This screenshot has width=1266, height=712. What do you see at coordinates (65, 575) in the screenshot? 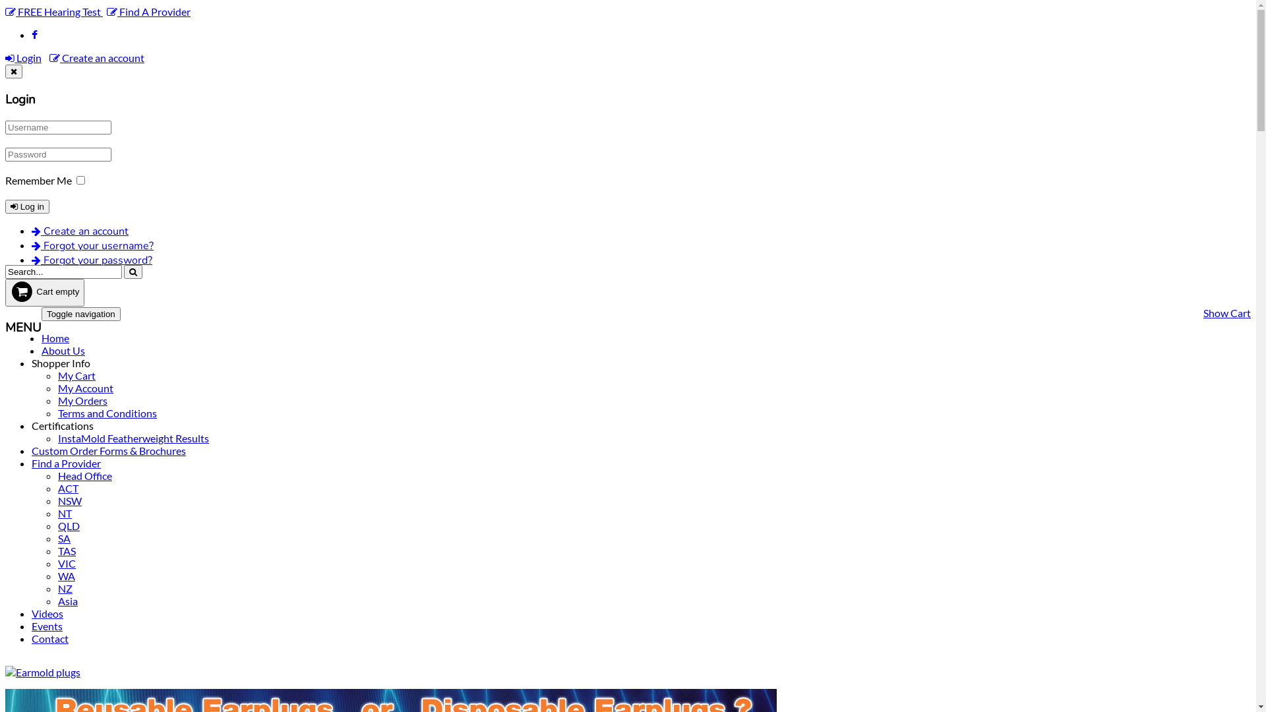
I see `'WA'` at bounding box center [65, 575].